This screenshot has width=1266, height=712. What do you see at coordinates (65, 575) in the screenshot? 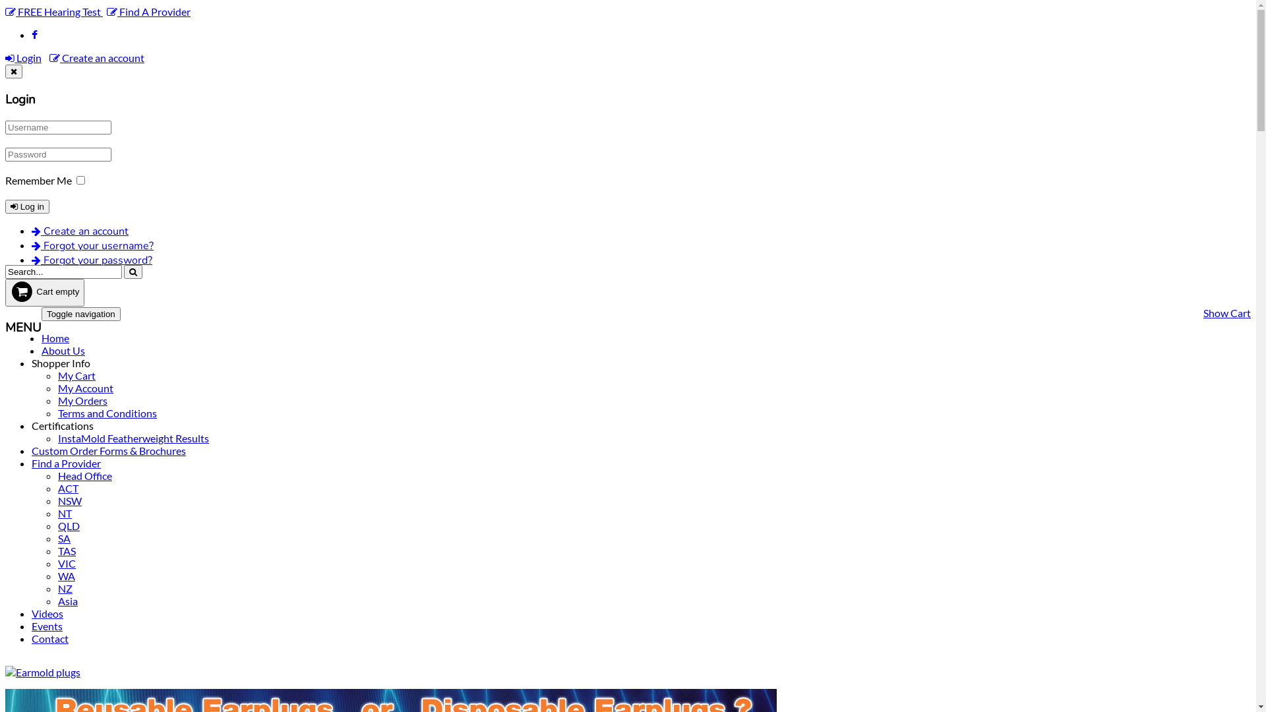
I see `'WA'` at bounding box center [65, 575].